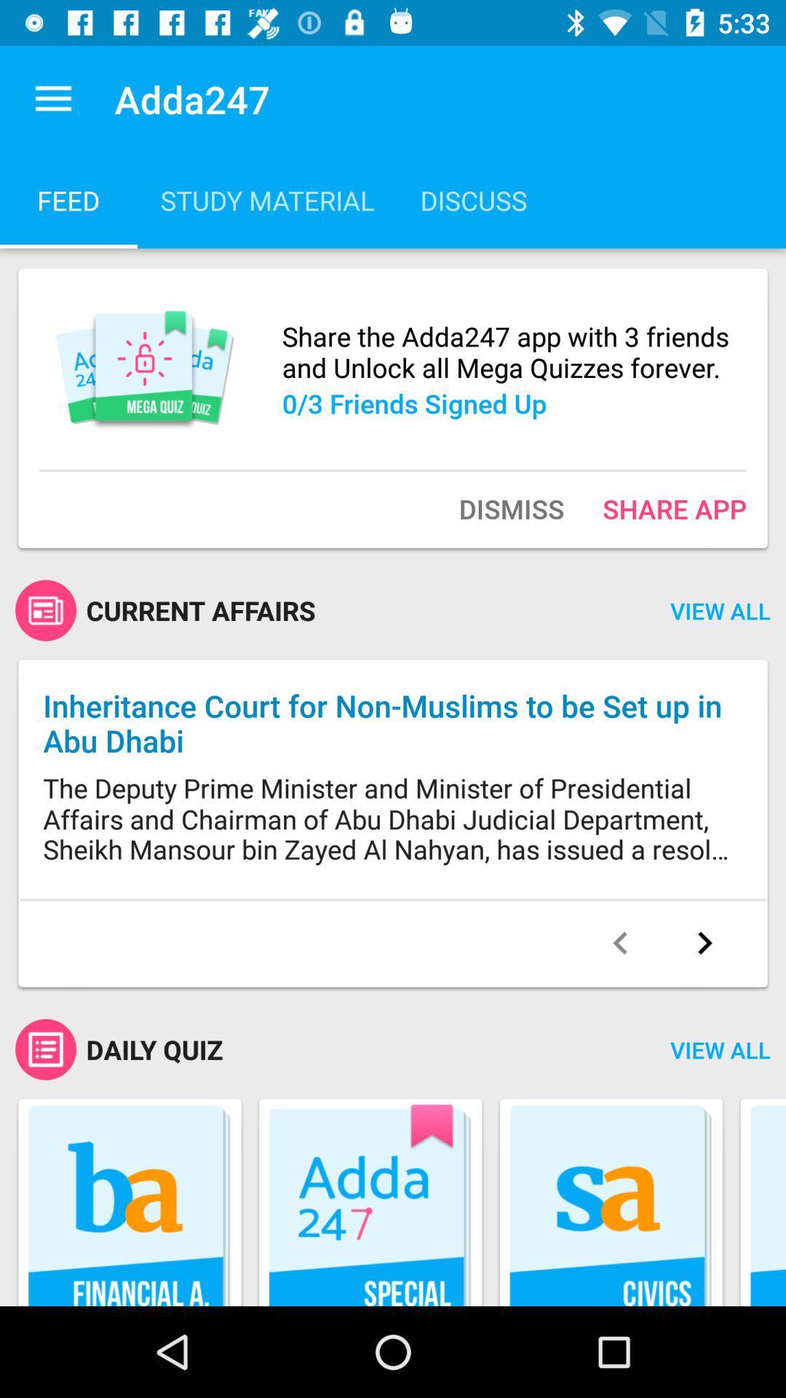 The image size is (786, 1398). I want to click on back page, so click(620, 943).